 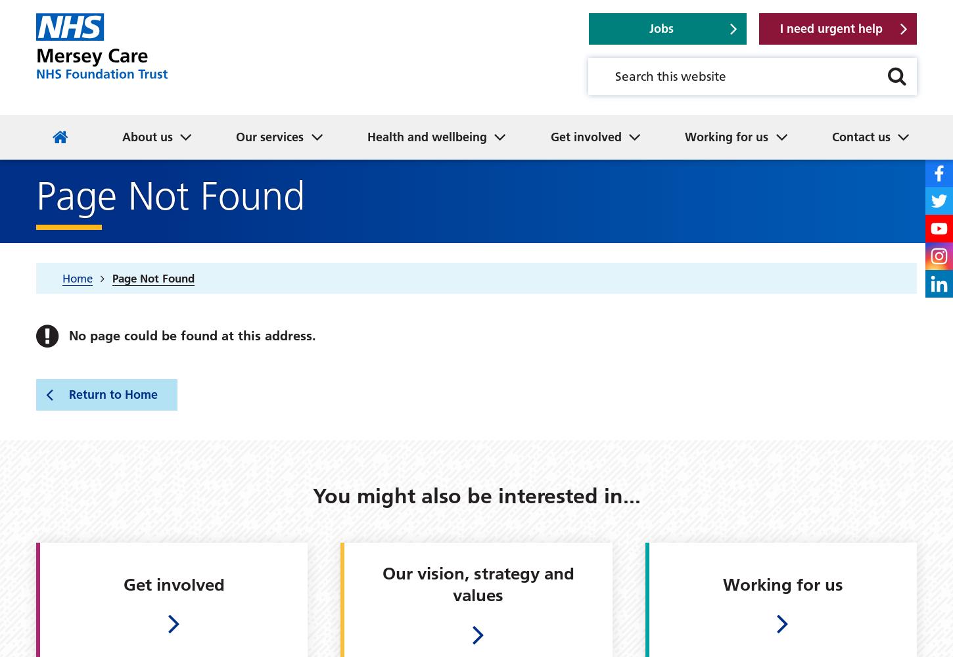 What do you see at coordinates (440, 58) in the screenshot?
I see `'Great place to live and work'` at bounding box center [440, 58].